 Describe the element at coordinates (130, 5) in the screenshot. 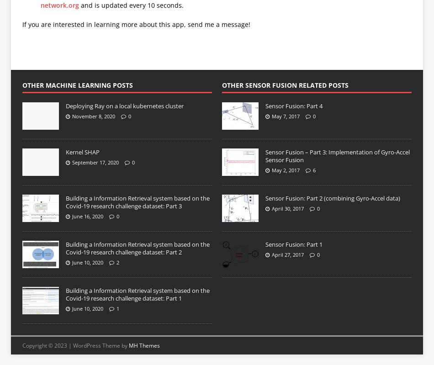

I see `'and is updated every 10 seconds.'` at that location.